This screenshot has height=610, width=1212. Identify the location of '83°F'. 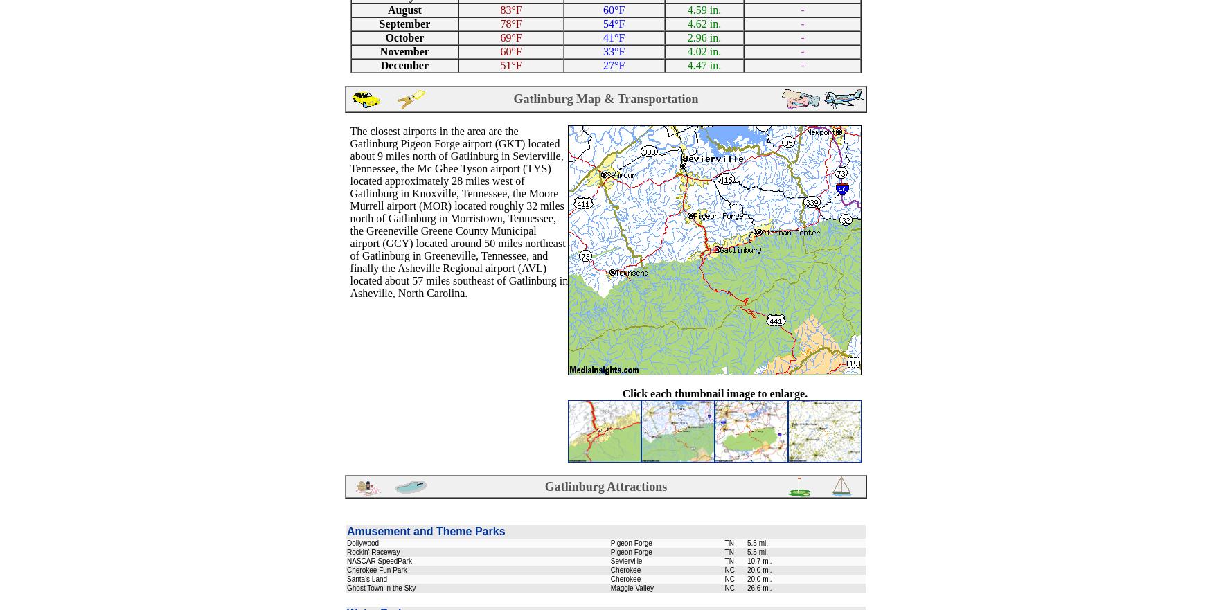
(510, 9).